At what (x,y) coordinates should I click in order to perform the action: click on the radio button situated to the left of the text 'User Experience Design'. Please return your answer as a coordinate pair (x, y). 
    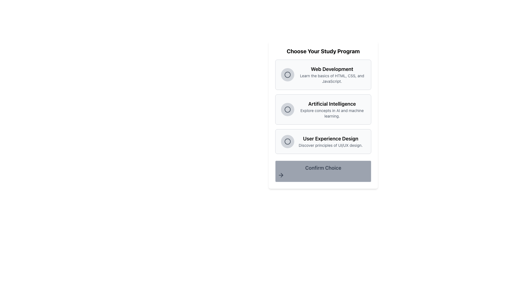
    Looking at the image, I should click on (287, 141).